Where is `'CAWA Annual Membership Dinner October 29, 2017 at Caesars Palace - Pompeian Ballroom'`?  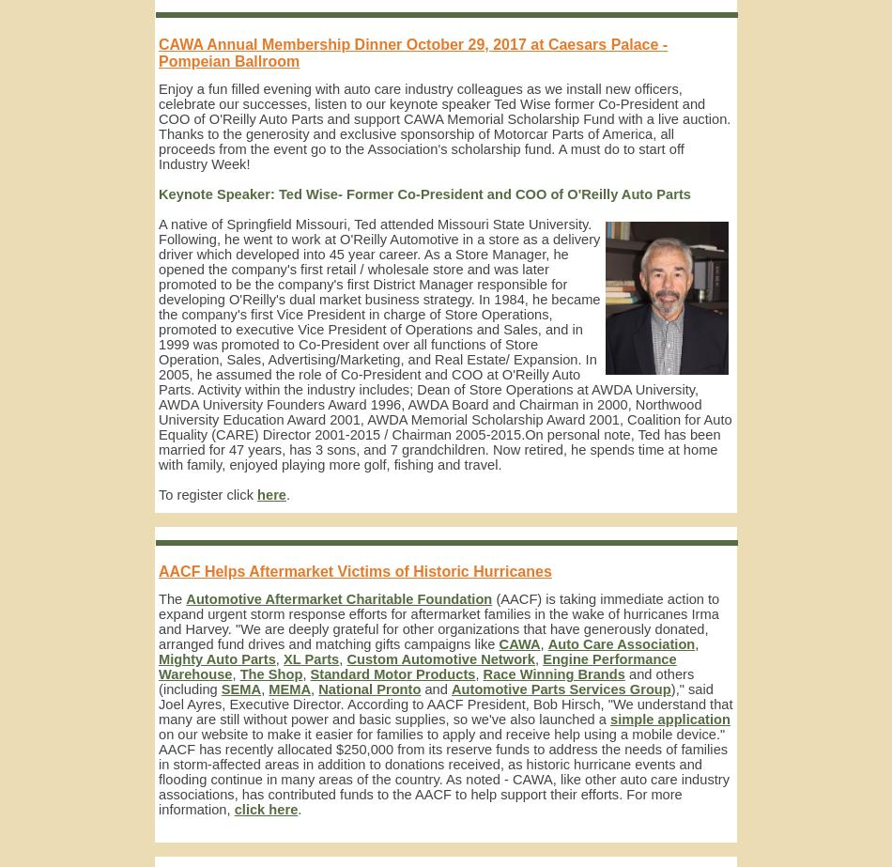
'CAWA Annual Membership Dinner October 29, 2017 at Caesars Palace - Pompeian Ballroom' is located at coordinates (412, 52).